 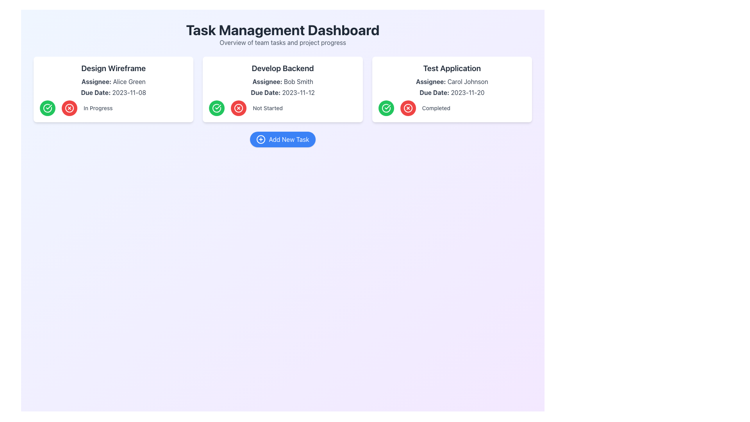 I want to click on the text label 'Assignee:' which is bold and darker gray, located in the middle task card under 'Develop Backend', to the left of 'Bob Smith', so click(x=267, y=81).